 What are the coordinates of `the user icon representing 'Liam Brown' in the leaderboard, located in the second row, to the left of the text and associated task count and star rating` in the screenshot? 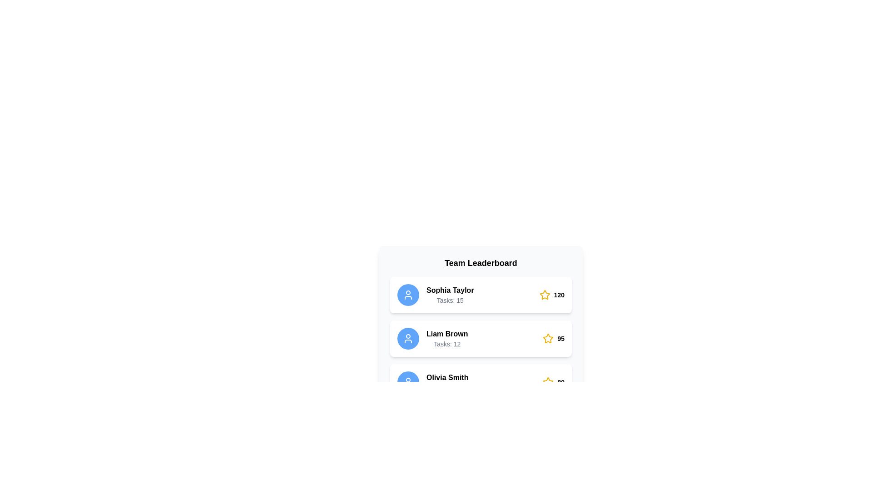 It's located at (407, 338).